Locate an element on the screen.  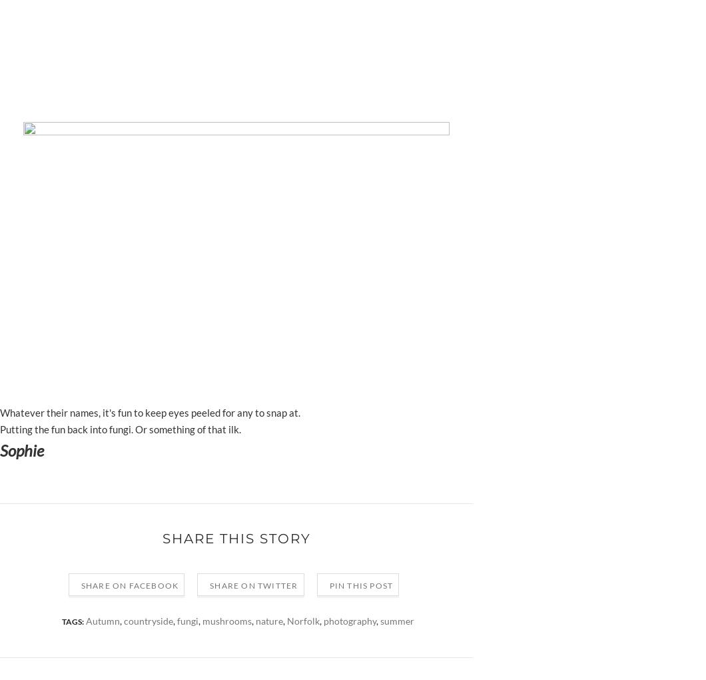
'nature' is located at coordinates (268, 621).